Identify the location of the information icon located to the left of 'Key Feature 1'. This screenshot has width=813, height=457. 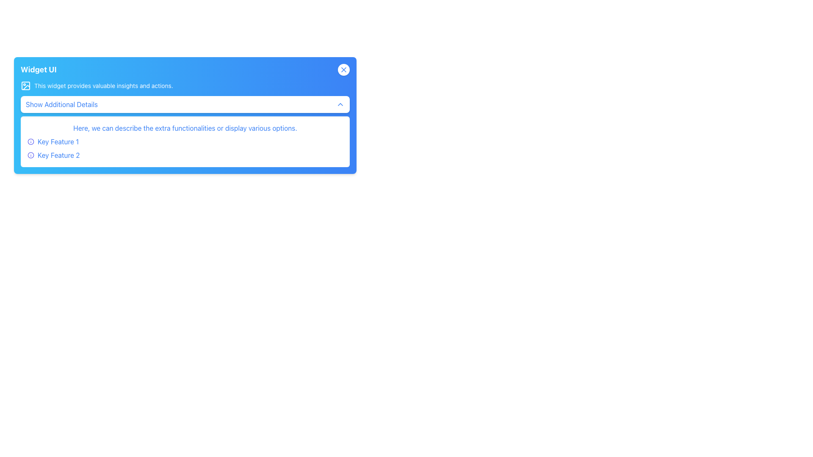
(30, 141).